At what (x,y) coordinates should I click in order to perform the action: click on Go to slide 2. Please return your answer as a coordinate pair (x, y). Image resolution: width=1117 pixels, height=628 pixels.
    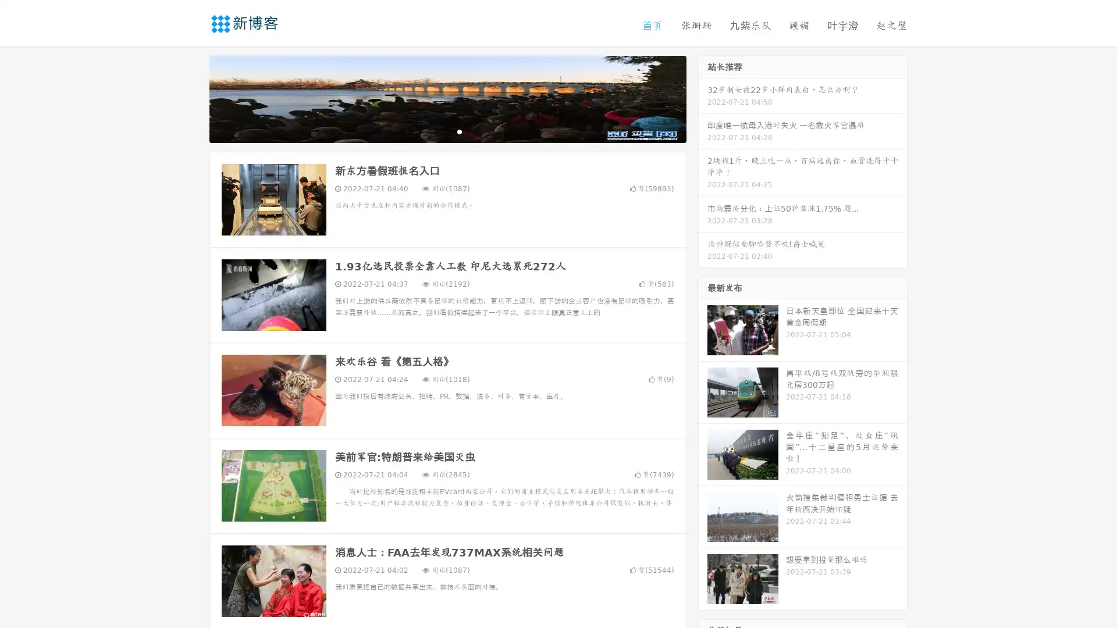
    Looking at the image, I should click on (447, 131).